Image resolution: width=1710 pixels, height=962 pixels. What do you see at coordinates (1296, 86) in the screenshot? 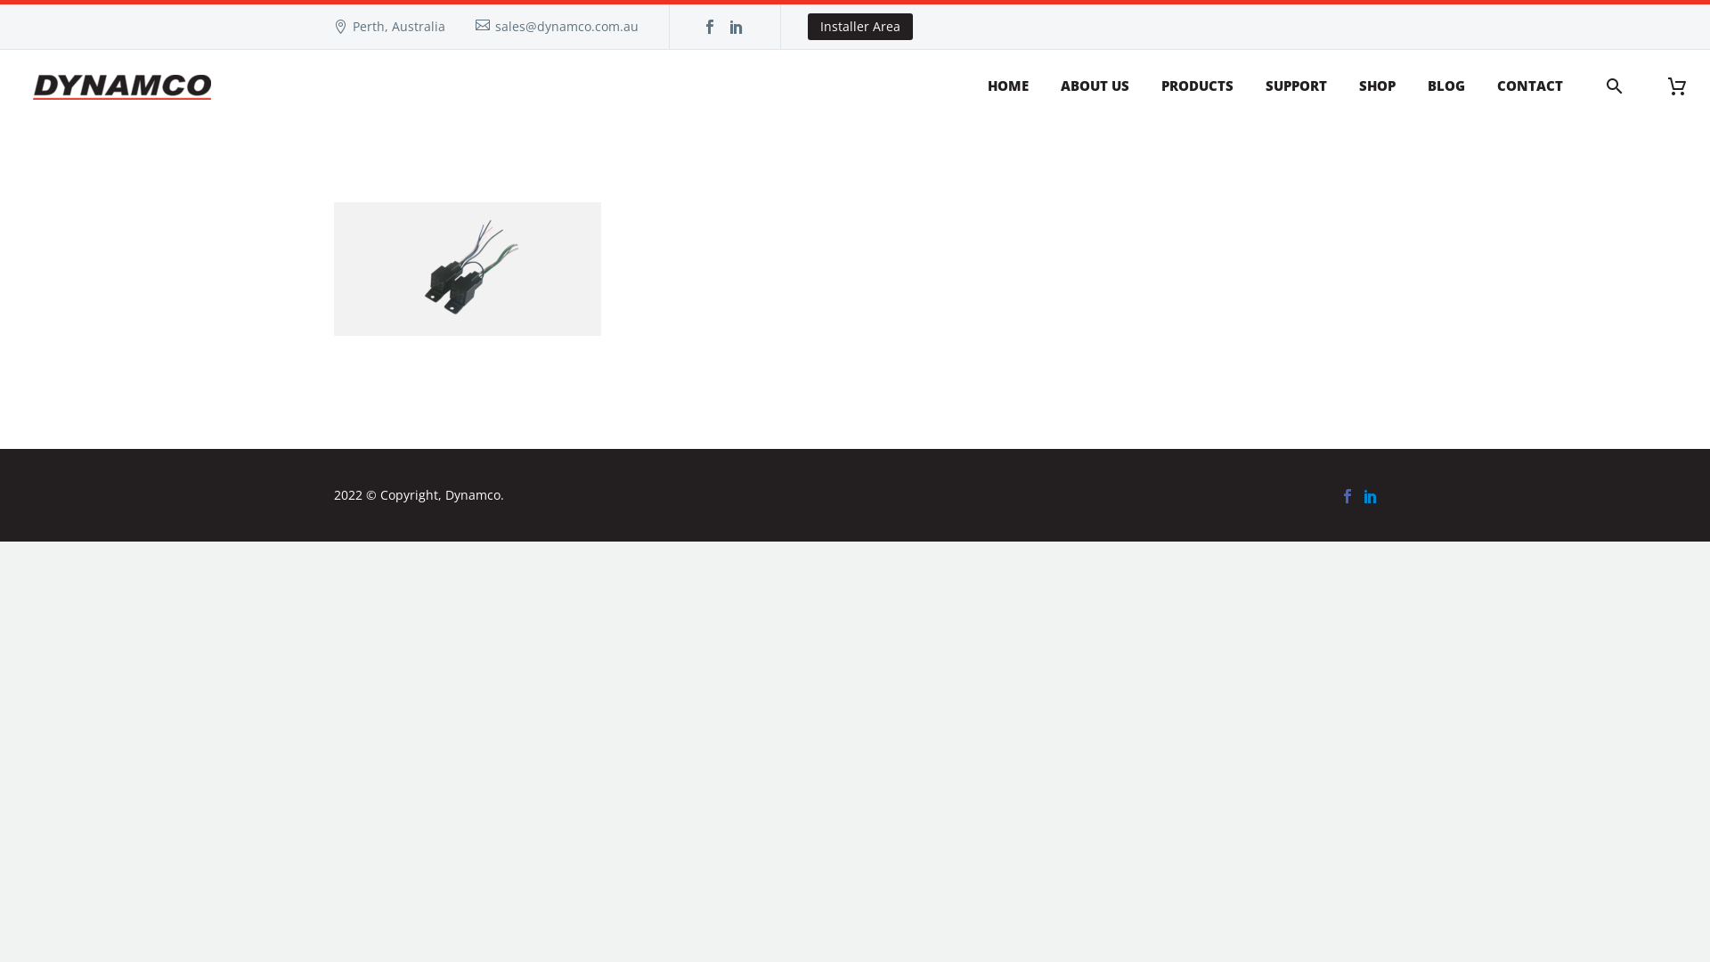
I see `'SUPPORT'` at bounding box center [1296, 86].